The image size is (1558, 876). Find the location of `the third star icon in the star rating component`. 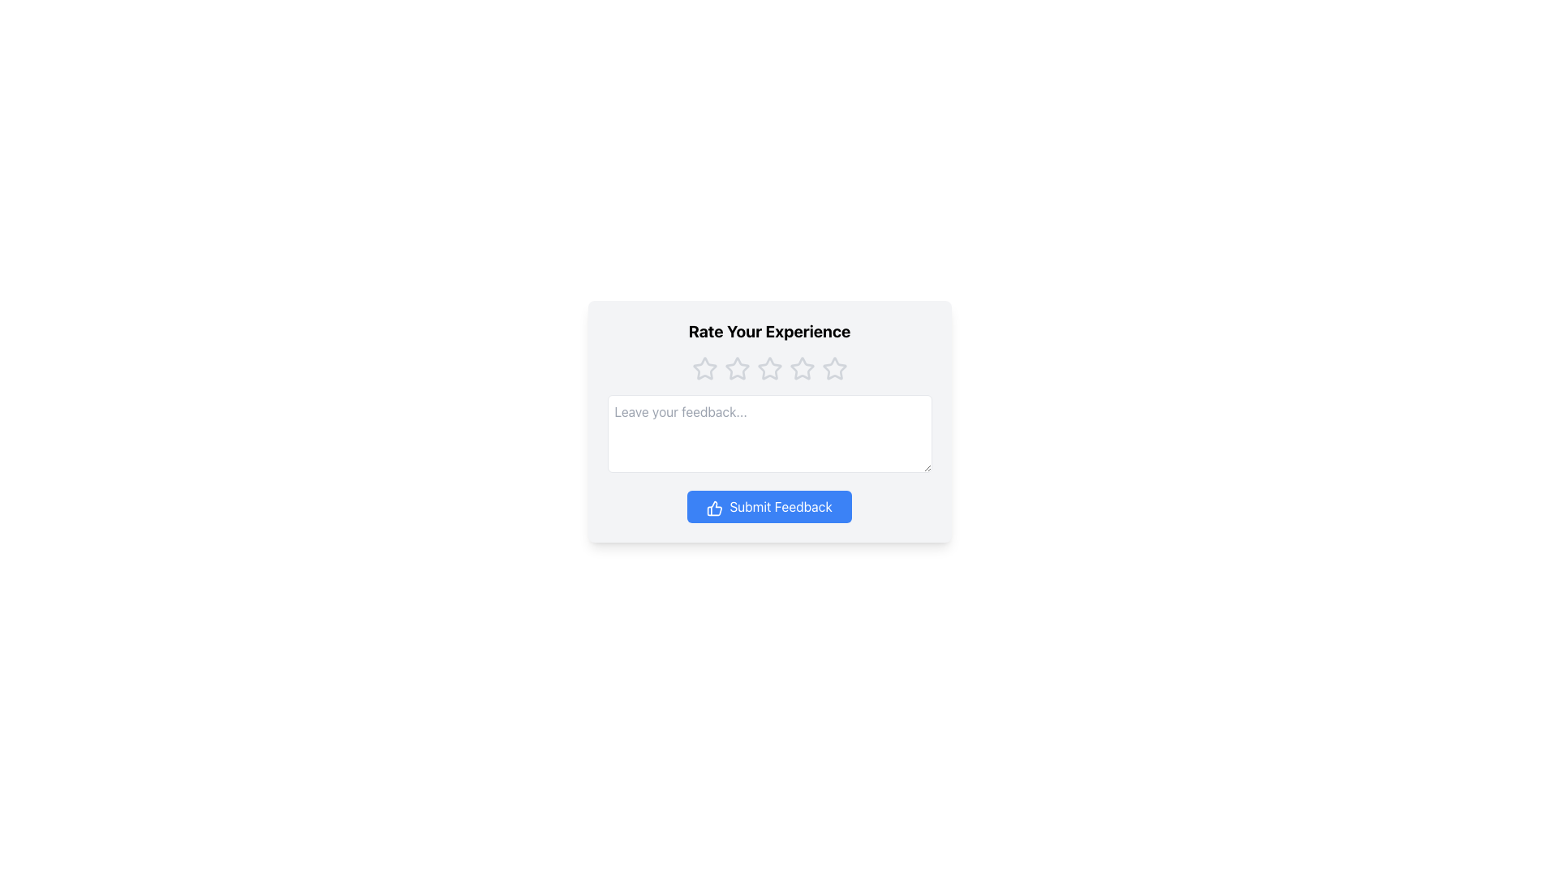

the third star icon in the star rating component is located at coordinates (802, 368).